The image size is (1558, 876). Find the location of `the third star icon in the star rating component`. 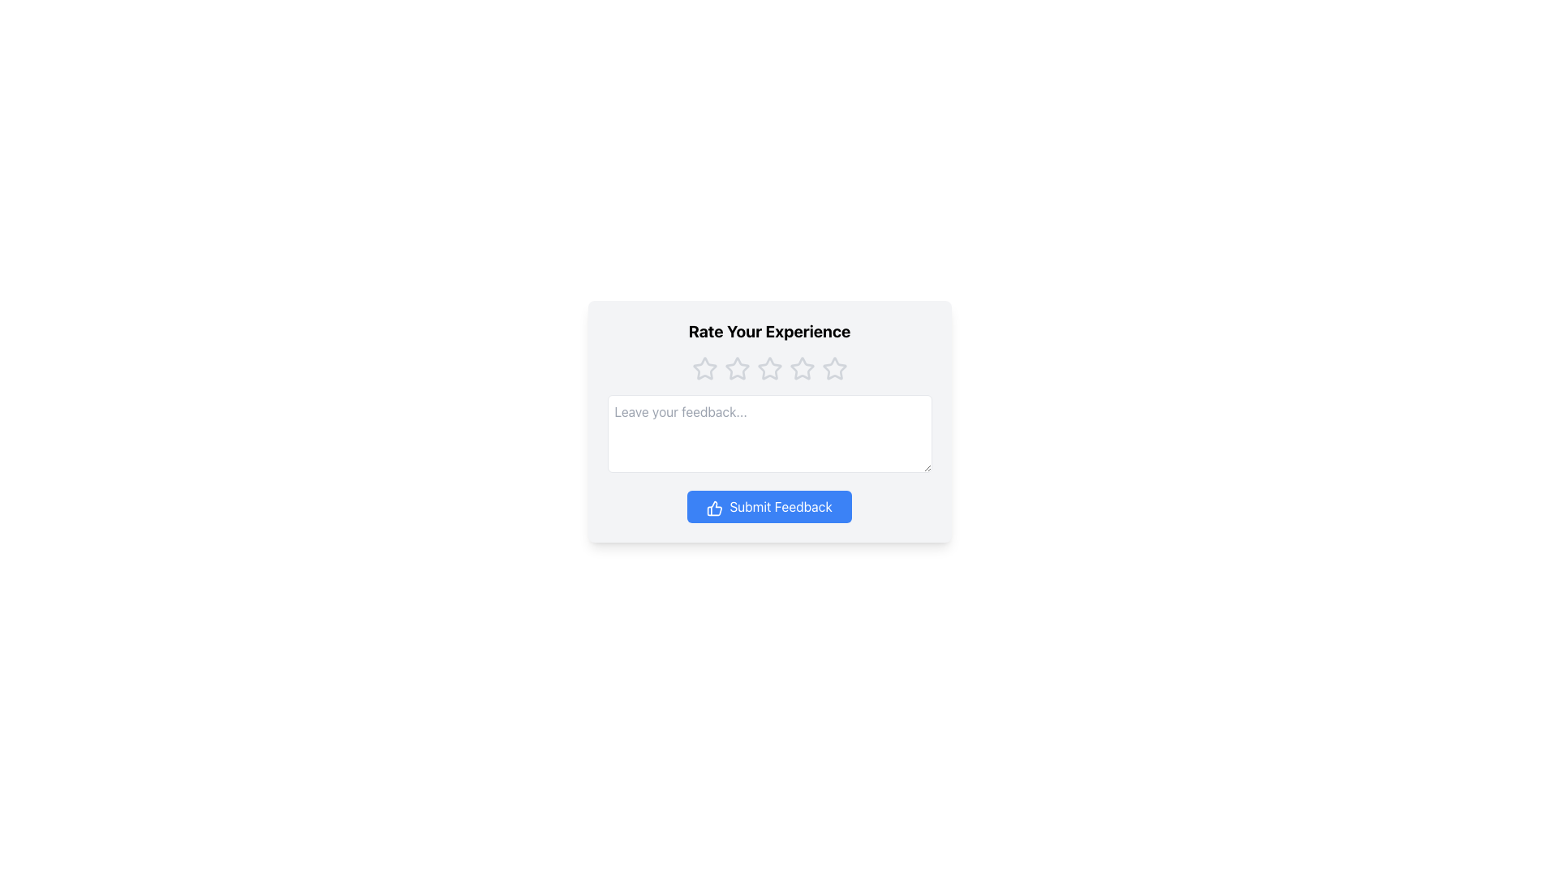

the third star icon in the star rating component is located at coordinates (802, 368).